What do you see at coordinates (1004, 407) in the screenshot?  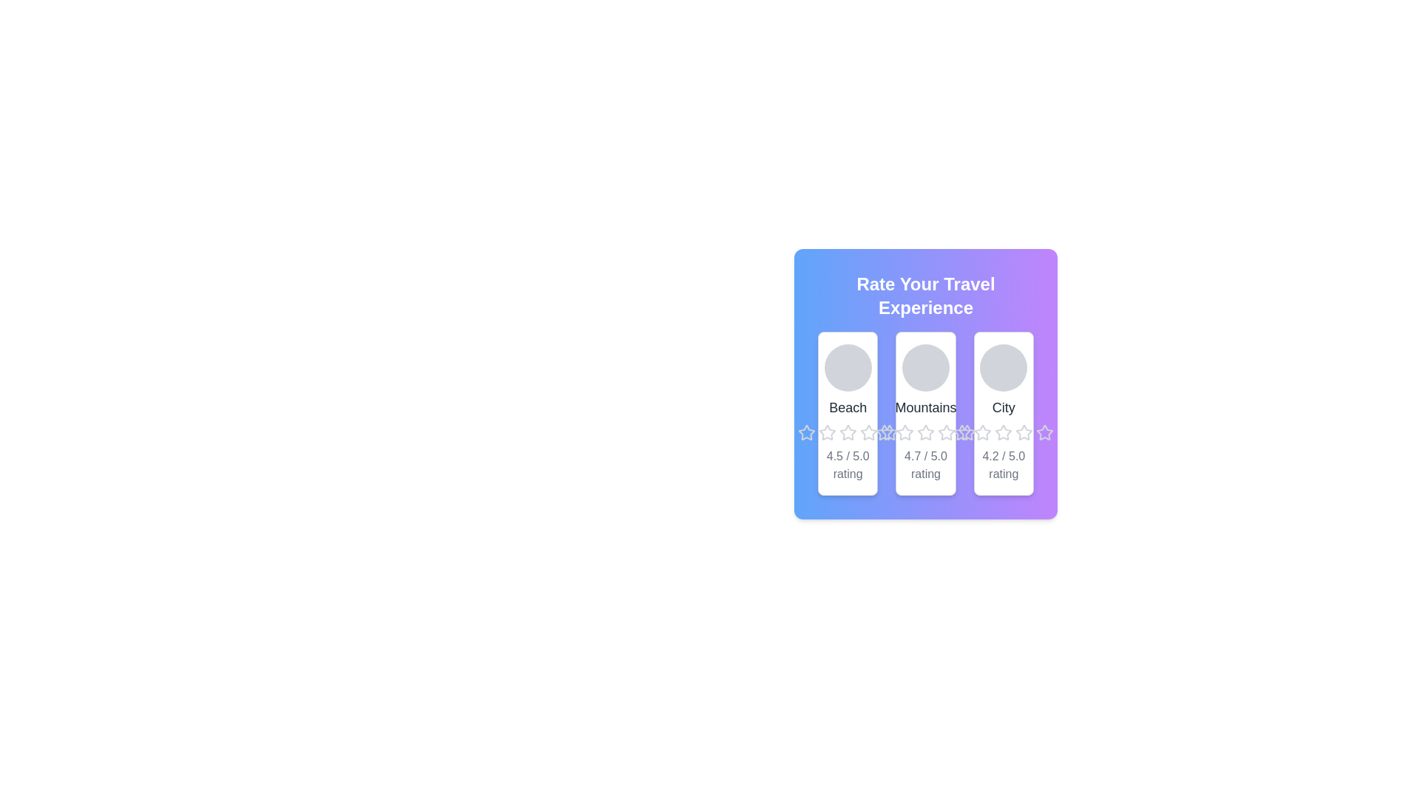 I see `the 'City' label which is medium gray, center-aligned, located below a circular gray avatar and above a star rating row, within a card titled 'Rate Your Travel Experience'` at bounding box center [1004, 407].